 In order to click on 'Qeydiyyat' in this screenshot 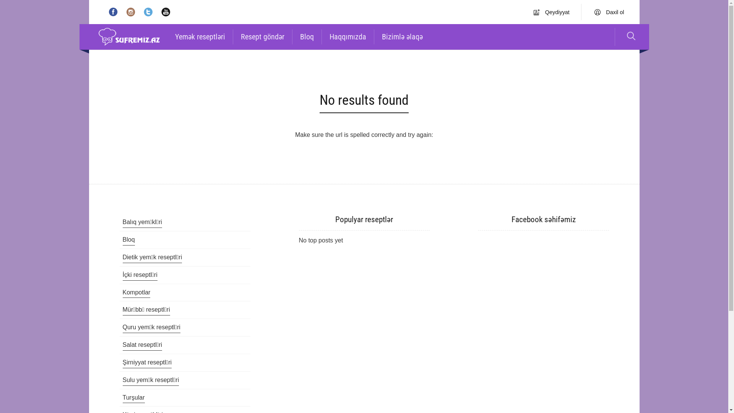, I will do `click(533, 12)`.